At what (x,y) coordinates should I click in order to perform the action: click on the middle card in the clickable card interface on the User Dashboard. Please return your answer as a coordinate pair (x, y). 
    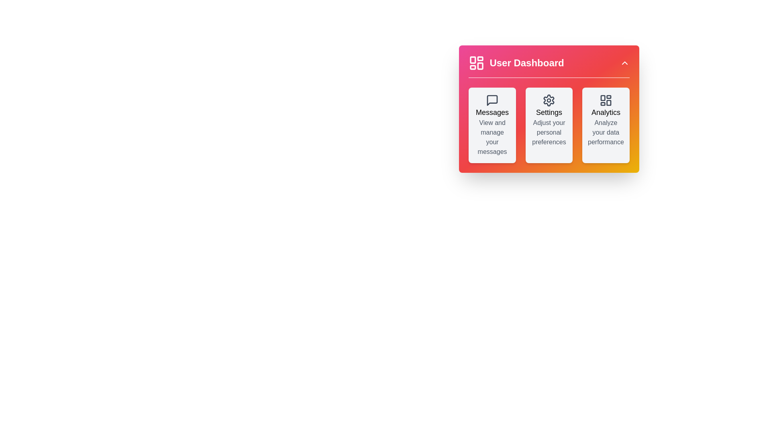
    Looking at the image, I should click on (549, 125).